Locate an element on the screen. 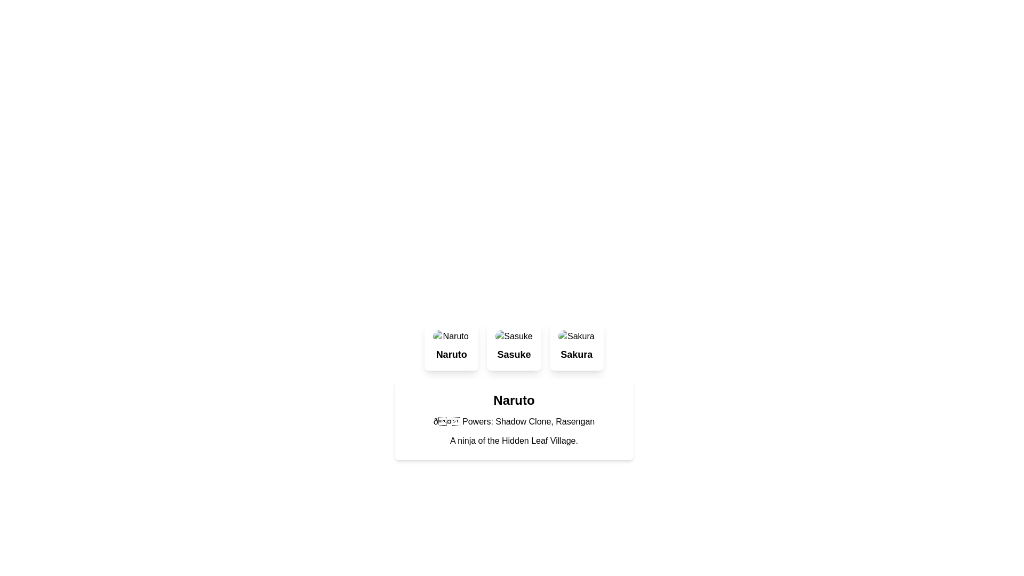  the 'Sasuke' card, which is the middle card in the horizontal card layout is located at coordinates (514, 346).